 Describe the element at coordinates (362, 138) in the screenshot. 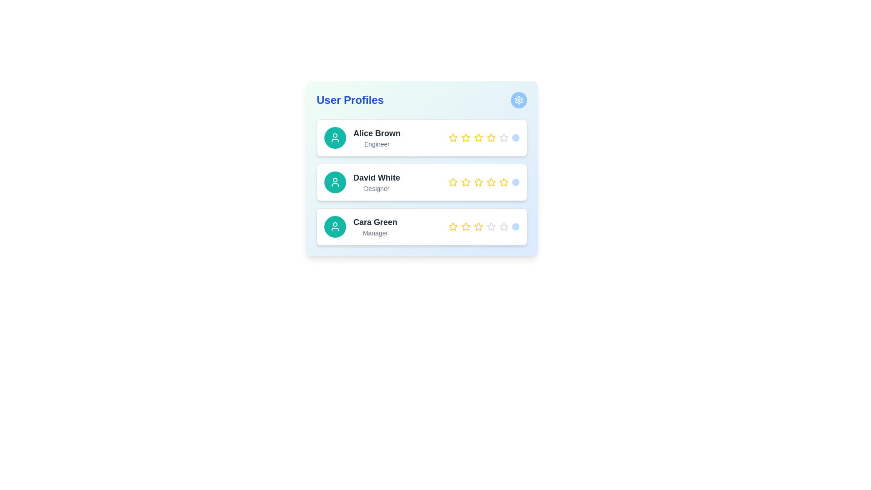

I see `the UserProfileSummary element at the top of the user profiles list` at that location.